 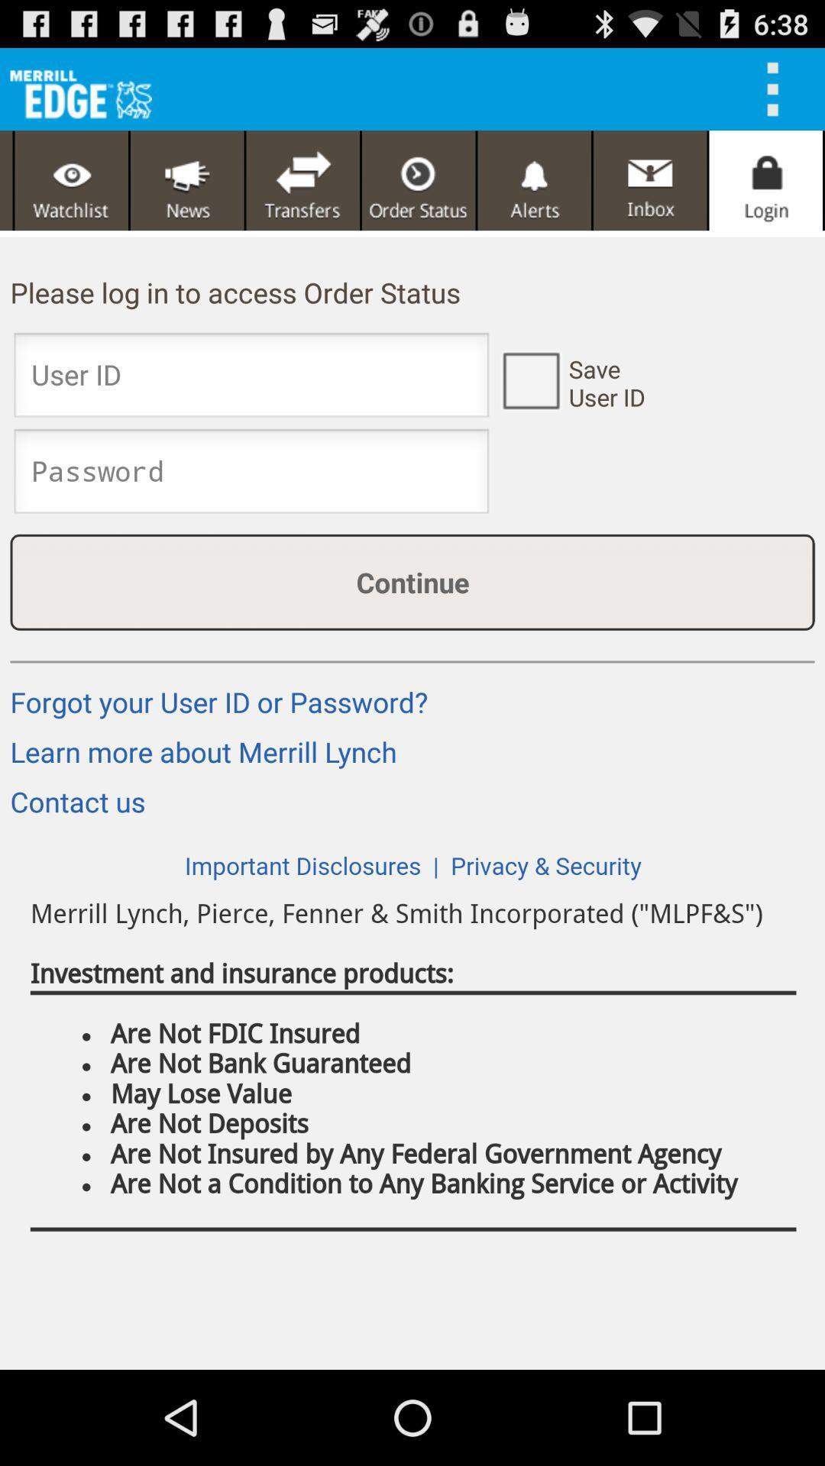 I want to click on input user id for app, so click(x=251, y=379).